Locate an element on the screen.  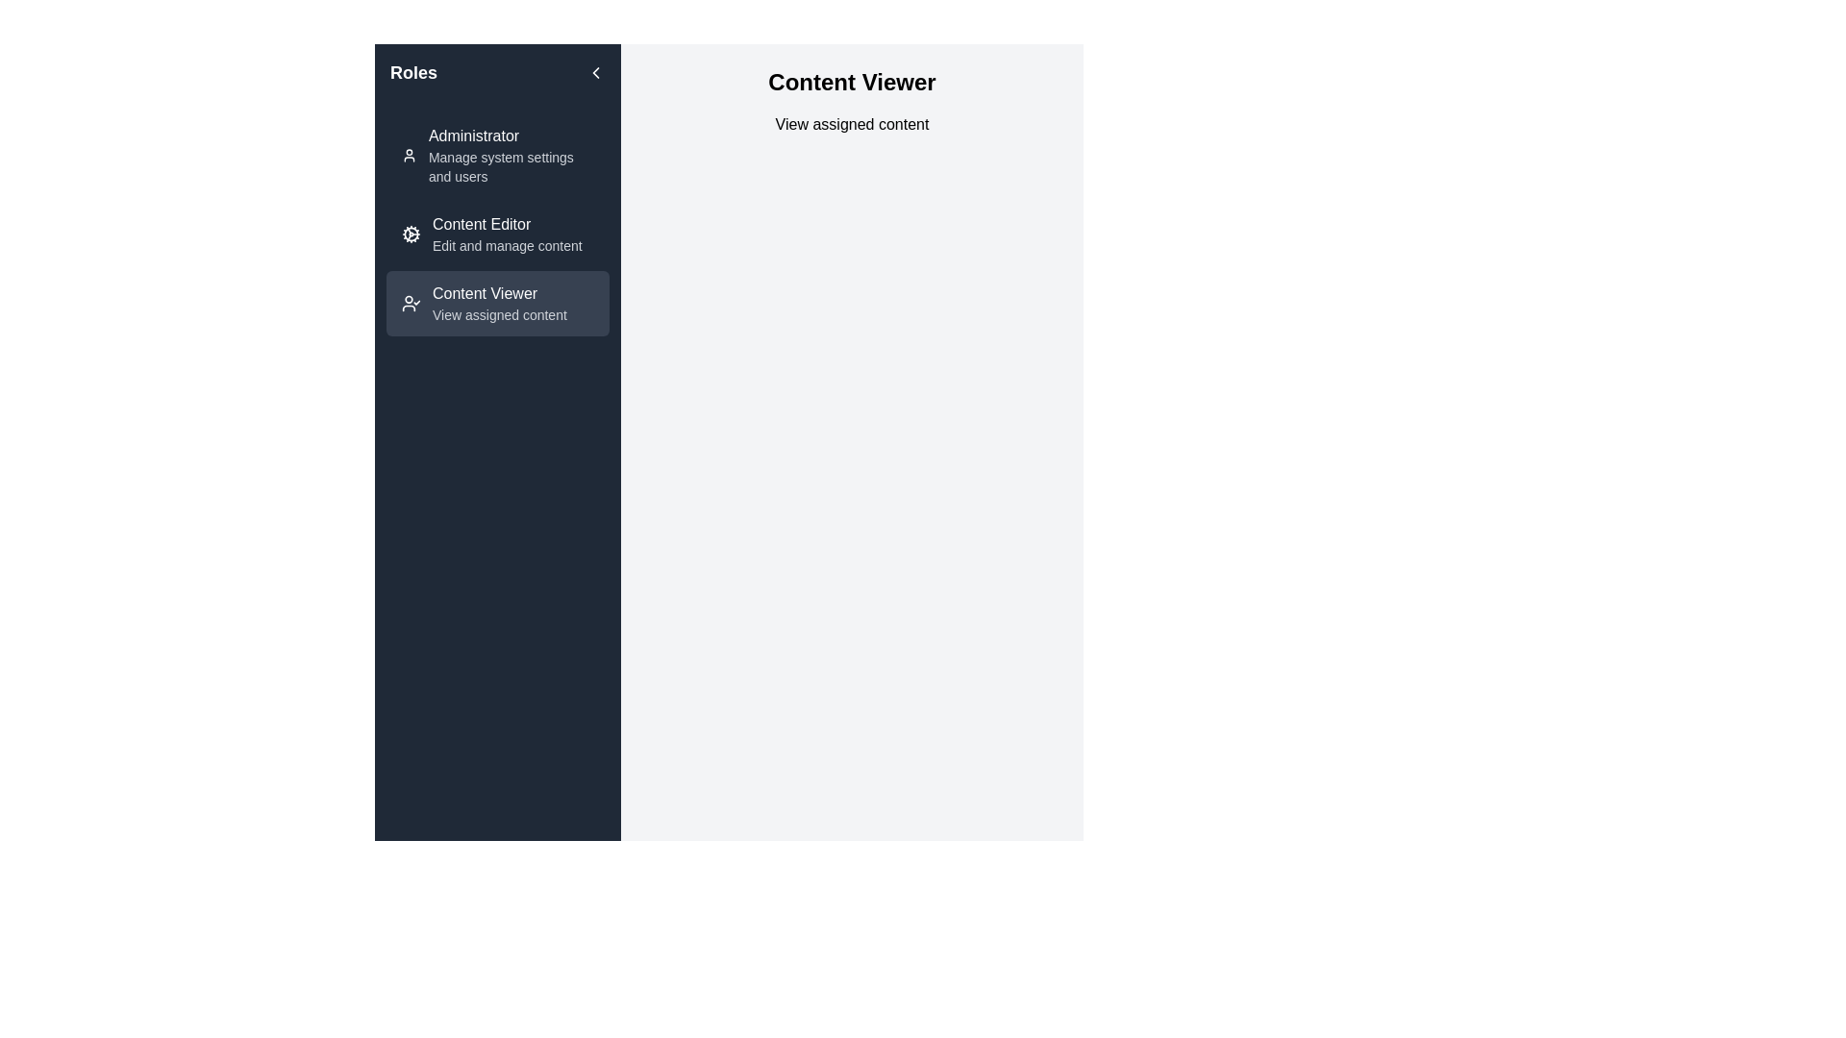
the text label that says 'Edit and manage content', which is styled in light gray against a dark background, located below the 'Content Editor' title in the sidebar is located at coordinates (507, 244).